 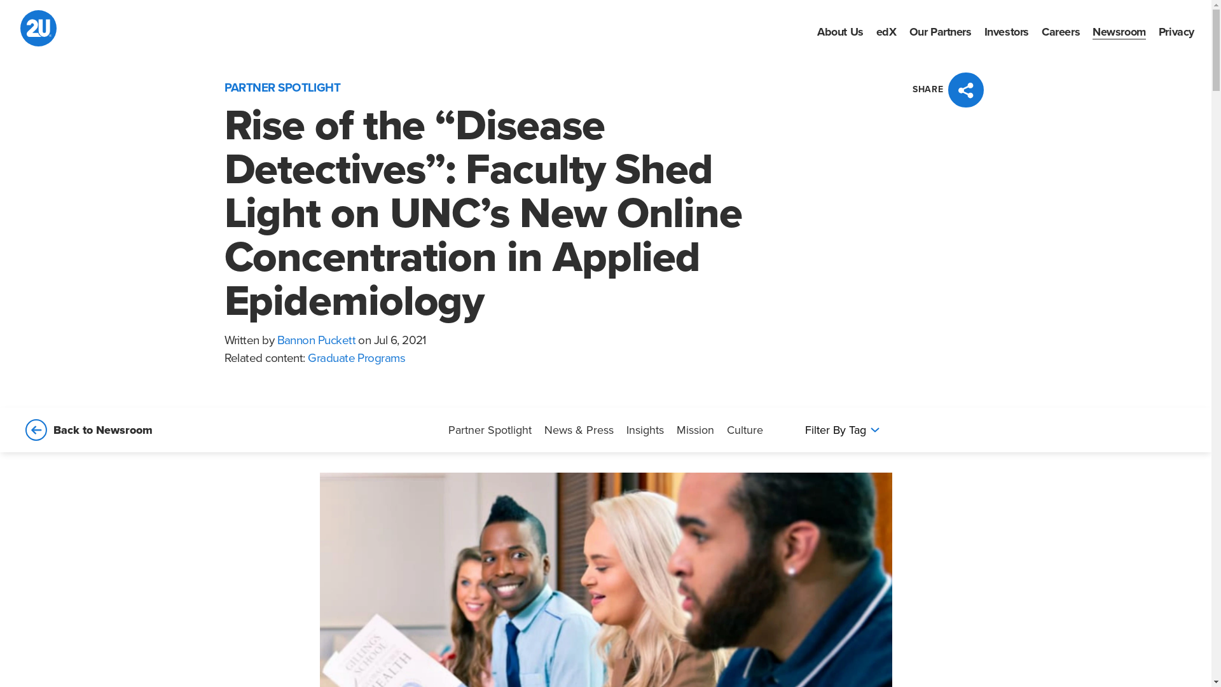 I want to click on 'Back to Newsroom', so click(x=20, y=429).